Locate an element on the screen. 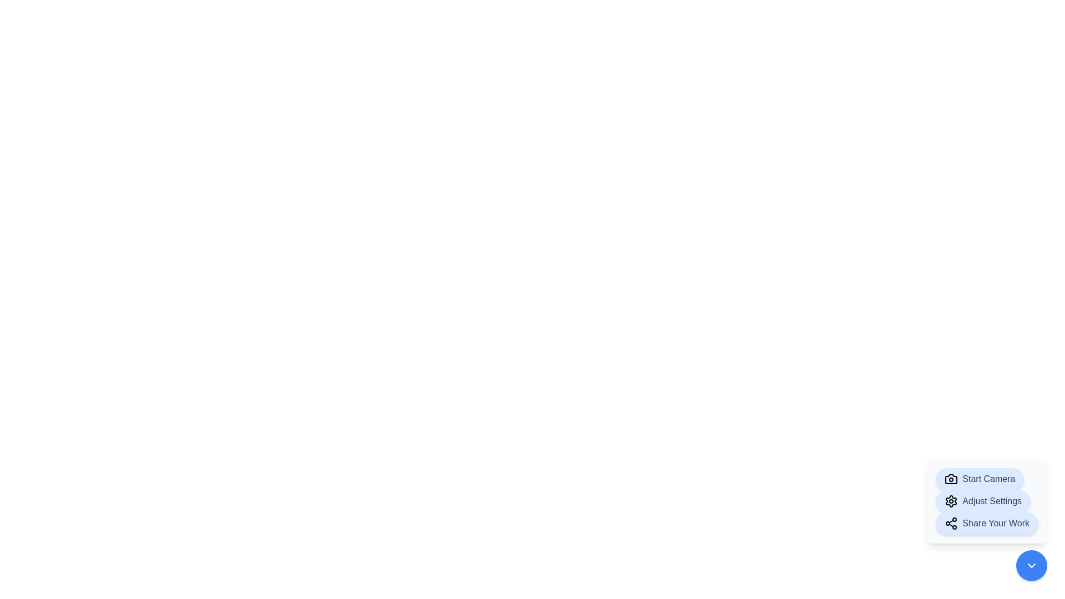 The width and height of the screenshot is (1065, 599). the three-pointed share symbol icon located at the beginning of the 'Share Your Work' button is located at coordinates (951, 524).